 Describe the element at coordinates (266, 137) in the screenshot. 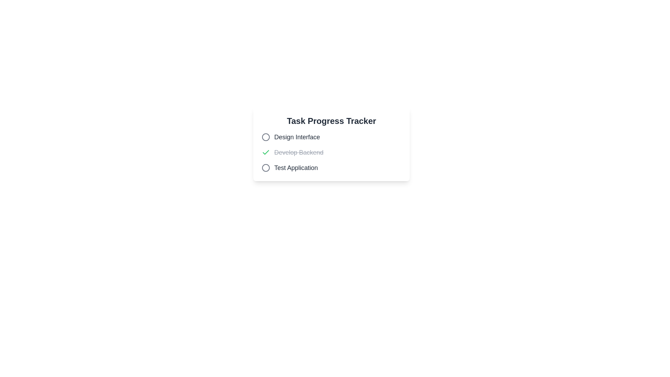

I see `the SVG icon positioned on the top-left side of the text 'Design Interface' in the 'Task Progress Tracker' card, which serves as a status marker for the task` at that location.